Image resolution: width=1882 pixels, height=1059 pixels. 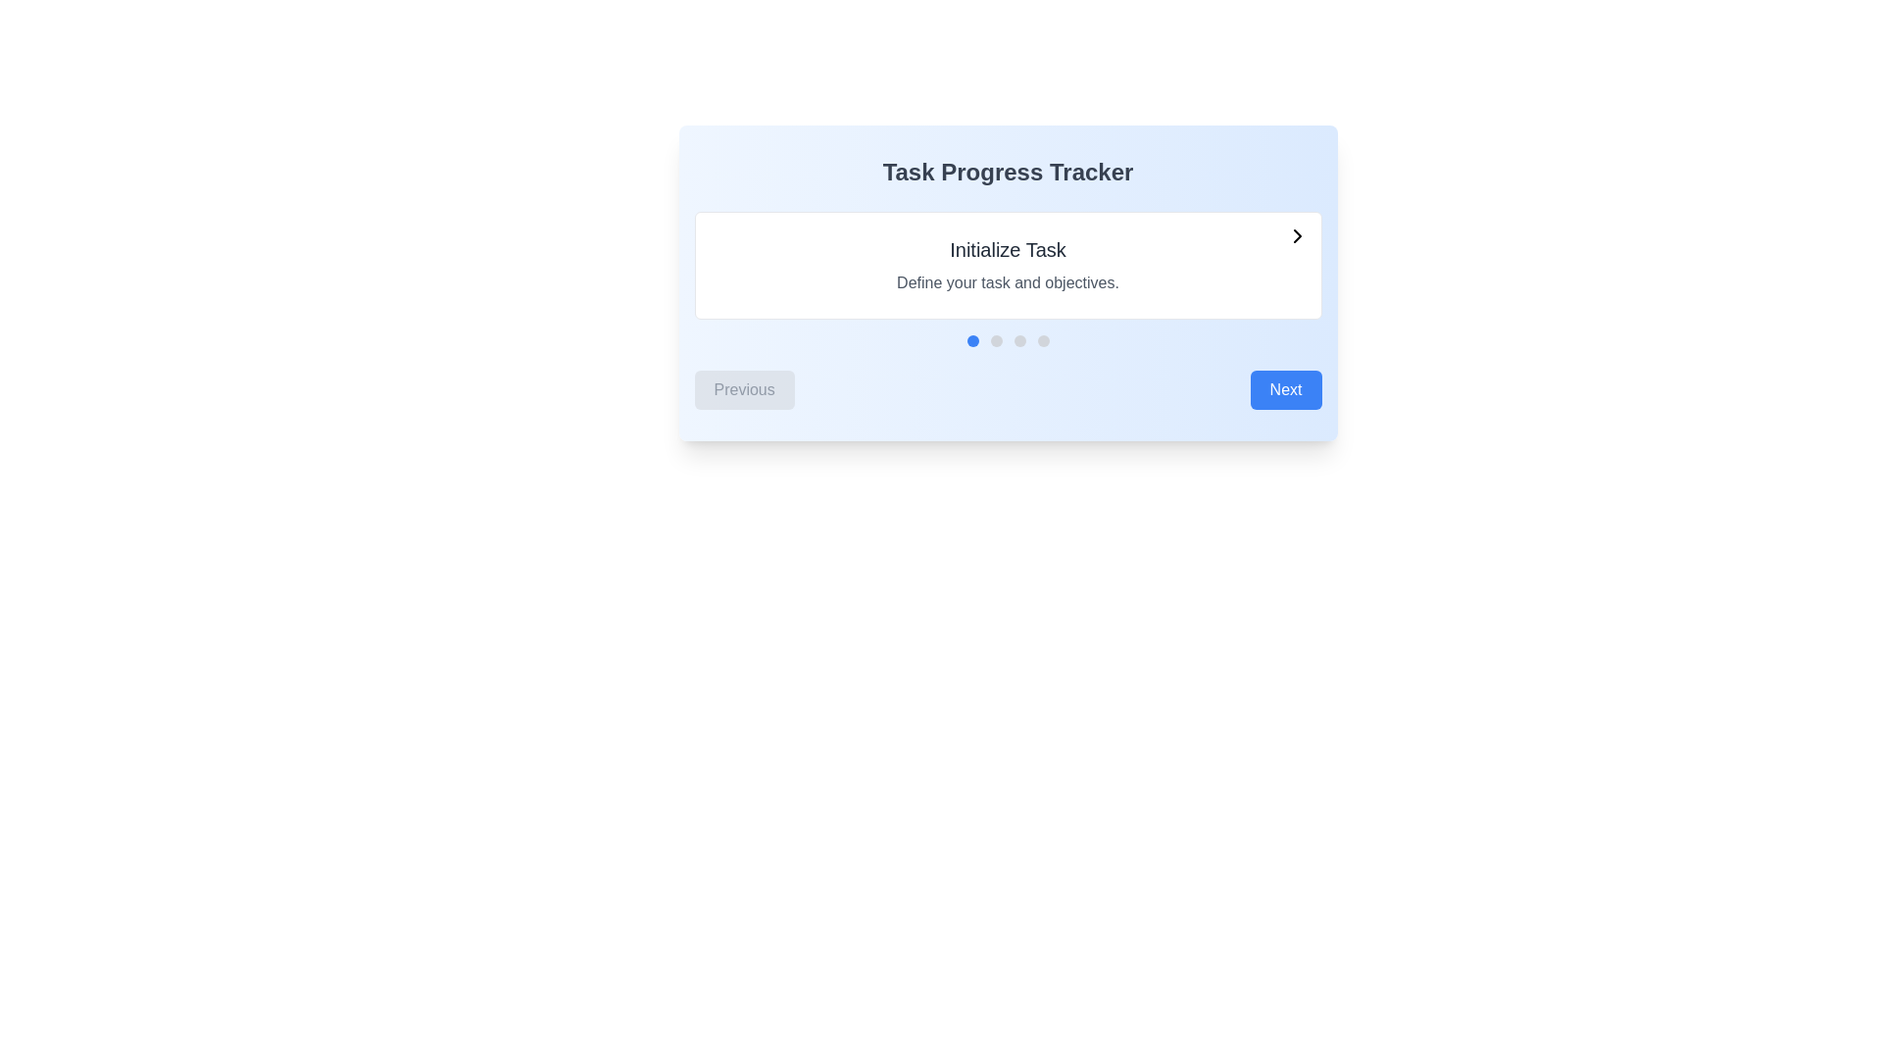 What do you see at coordinates (996, 339) in the screenshot?
I see `the second dot from the left in the progress tracker indicator, which is located under the 'Initialize Task' area` at bounding box center [996, 339].